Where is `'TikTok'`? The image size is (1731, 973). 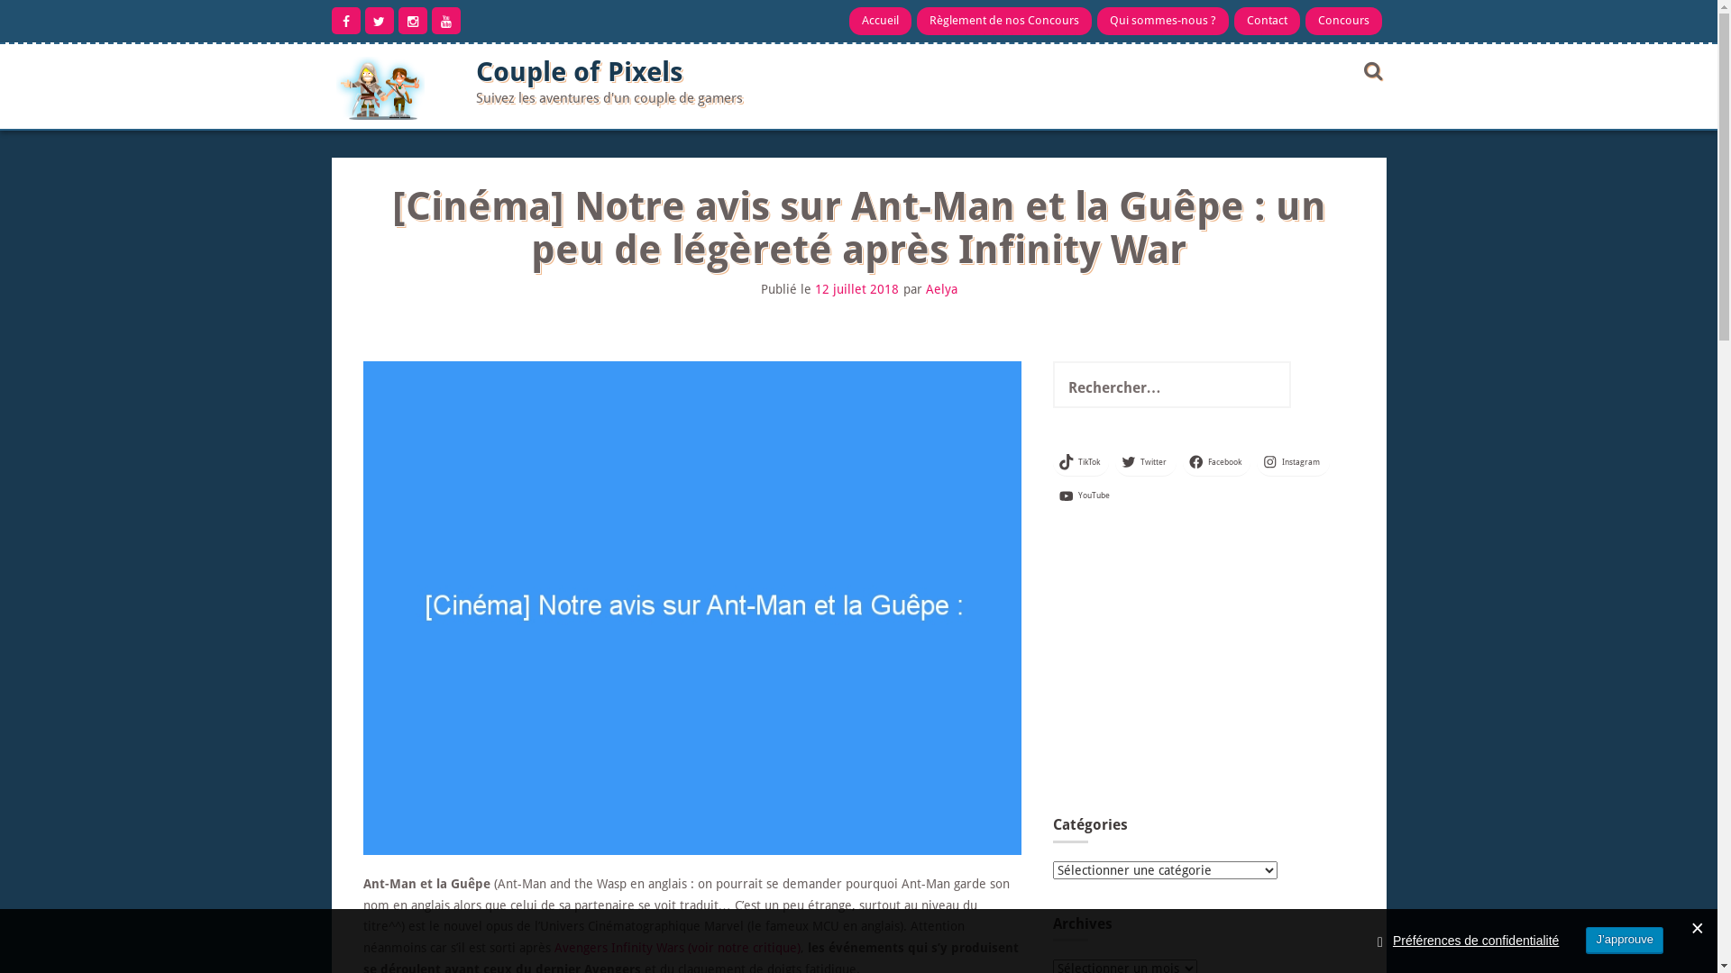
'TikTok' is located at coordinates (1081, 461).